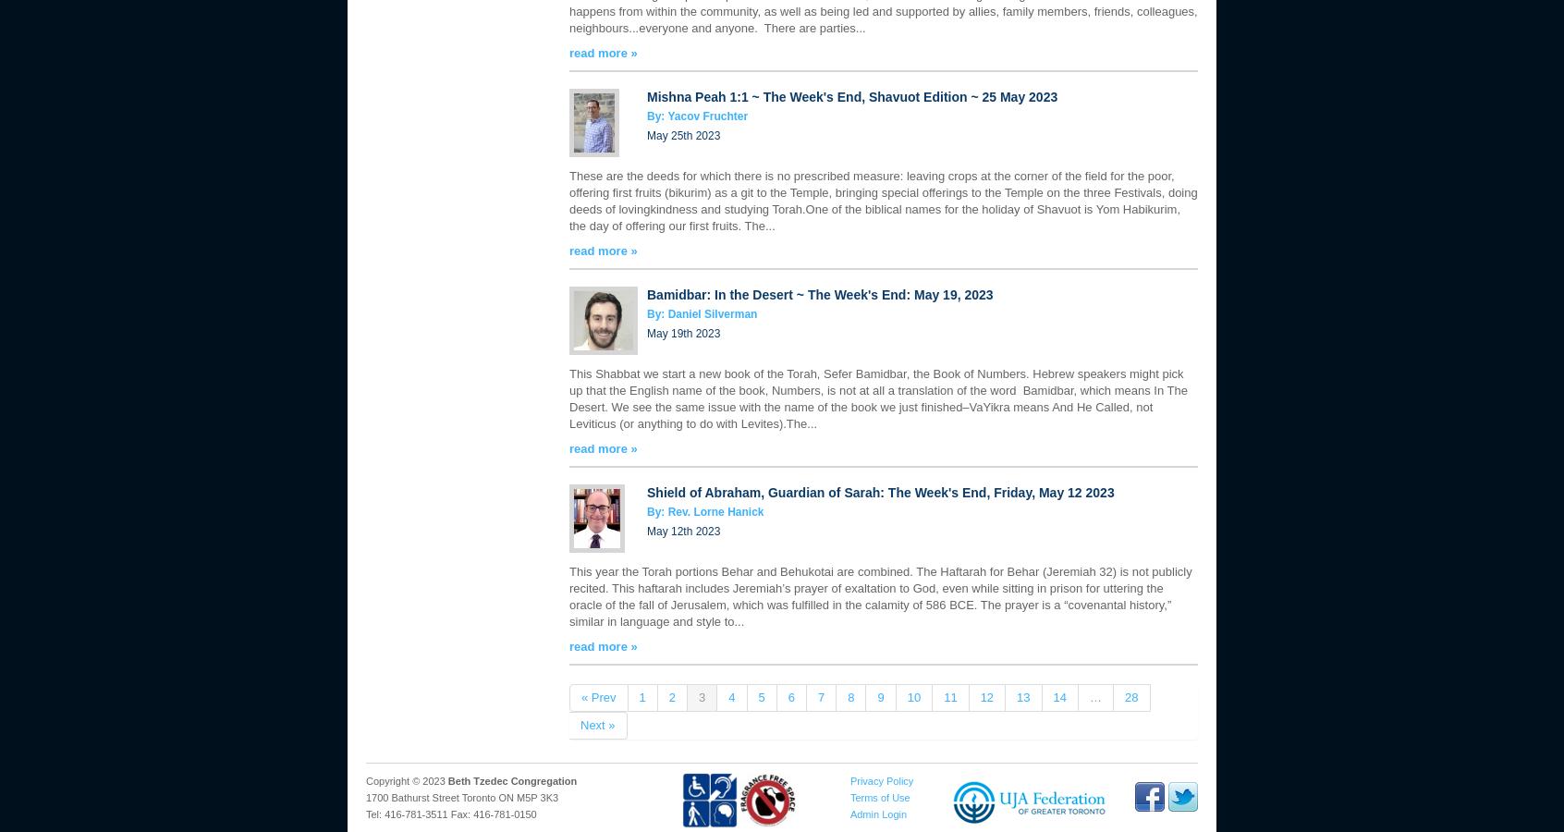  Describe the element at coordinates (511, 781) in the screenshot. I see `'Beth Tzedec Congregation'` at that location.